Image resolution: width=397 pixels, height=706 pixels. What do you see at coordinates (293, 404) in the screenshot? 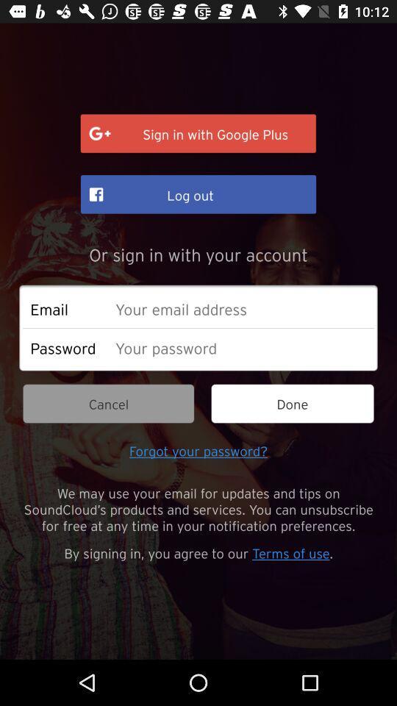
I see `the icon next to the cancel` at bounding box center [293, 404].